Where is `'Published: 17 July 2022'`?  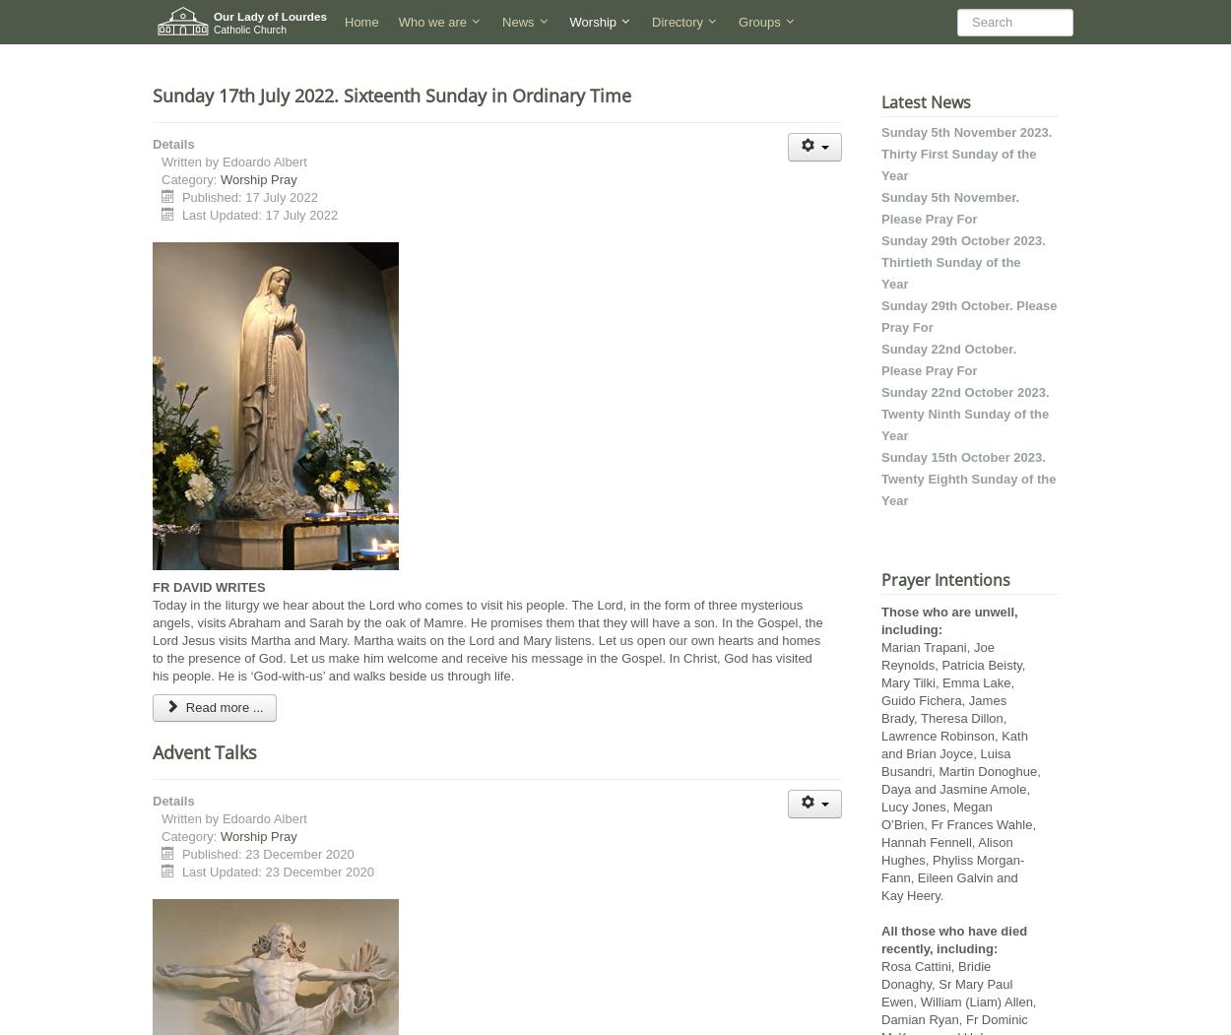 'Published: 17 July 2022' is located at coordinates (249, 197).